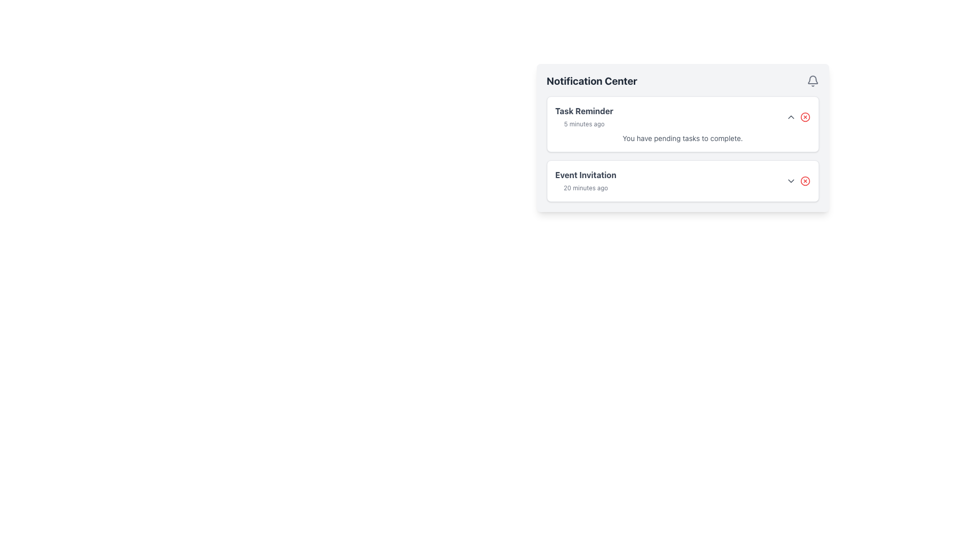 The width and height of the screenshot is (975, 548). What do you see at coordinates (592, 80) in the screenshot?
I see `text heading of the notification panel, which serves as the title indicating its purpose or content` at bounding box center [592, 80].